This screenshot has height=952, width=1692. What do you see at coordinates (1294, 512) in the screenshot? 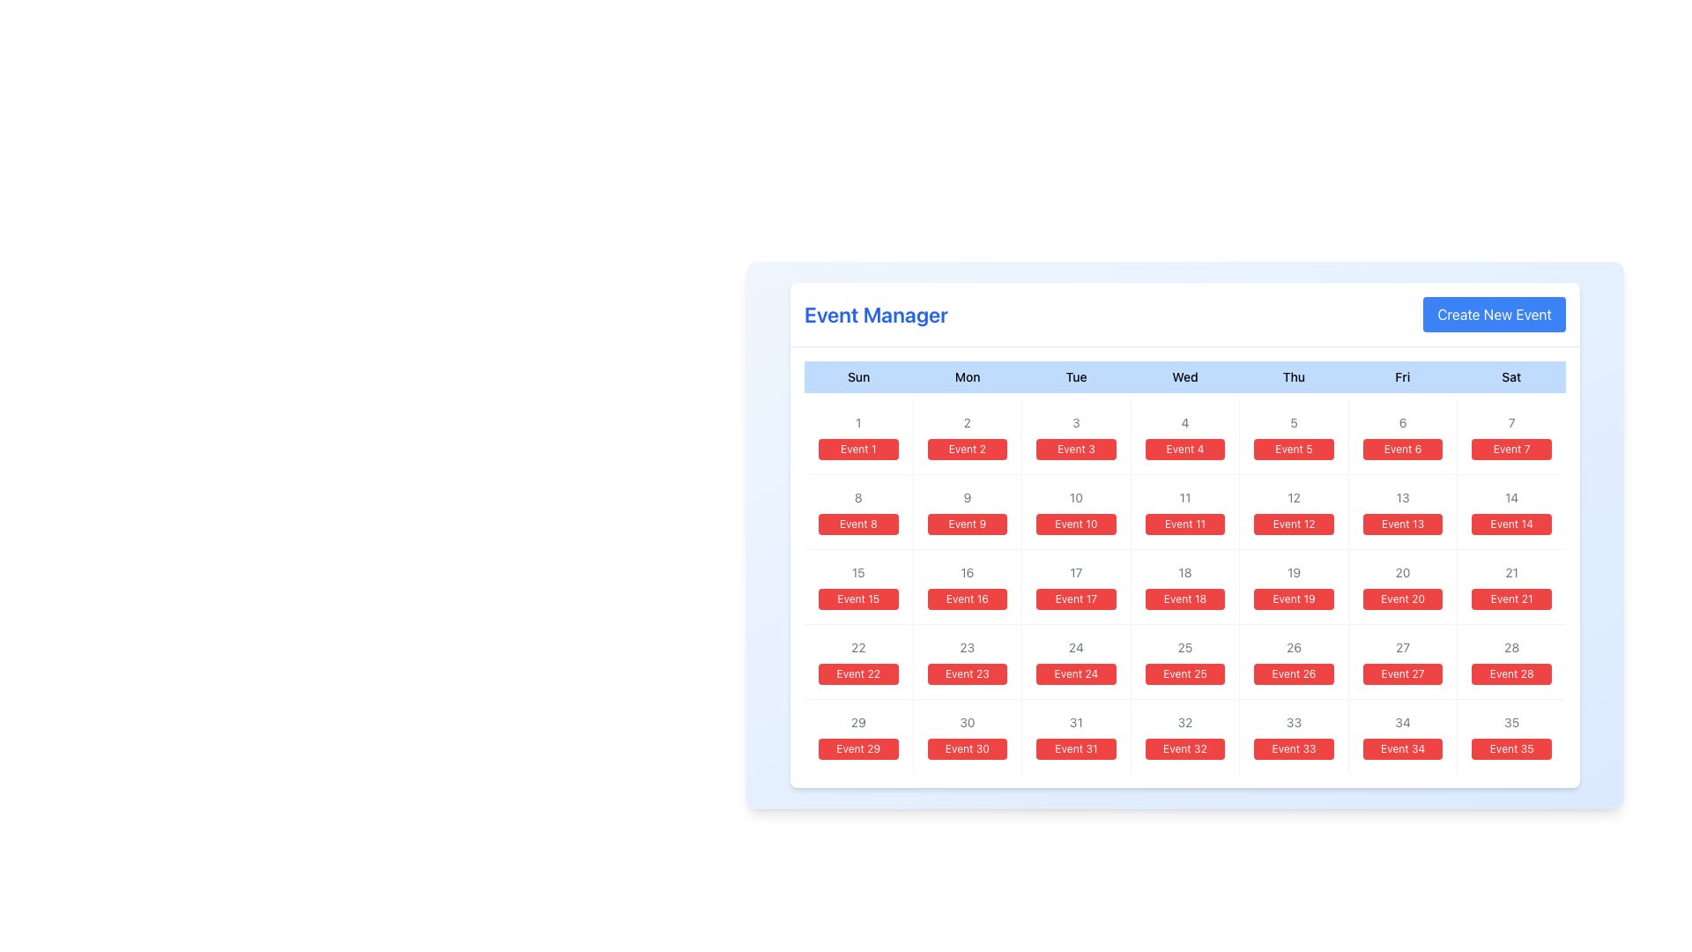
I see `the button representing 'Event 12'` at bounding box center [1294, 512].